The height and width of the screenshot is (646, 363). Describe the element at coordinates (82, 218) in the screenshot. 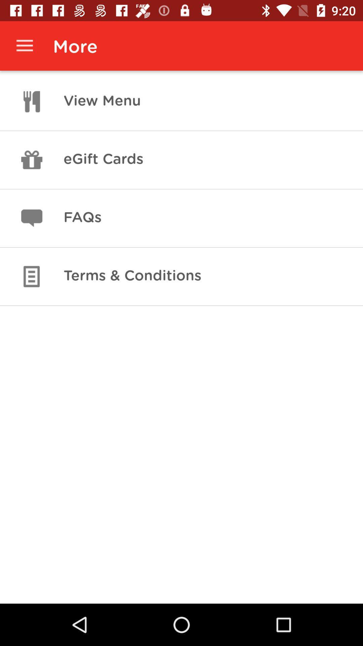

I see `the icon below the egift cards item` at that location.